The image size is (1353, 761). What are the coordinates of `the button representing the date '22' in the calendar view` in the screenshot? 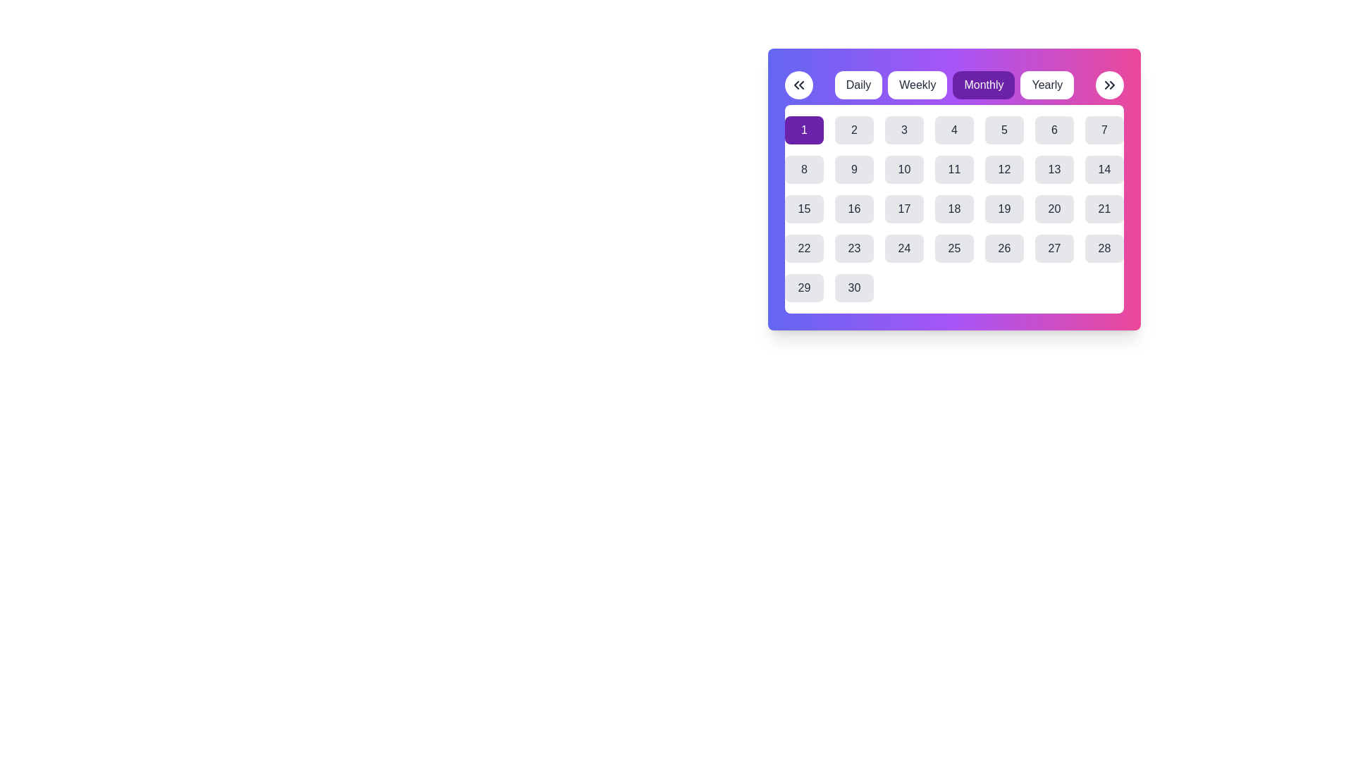 It's located at (804, 248).